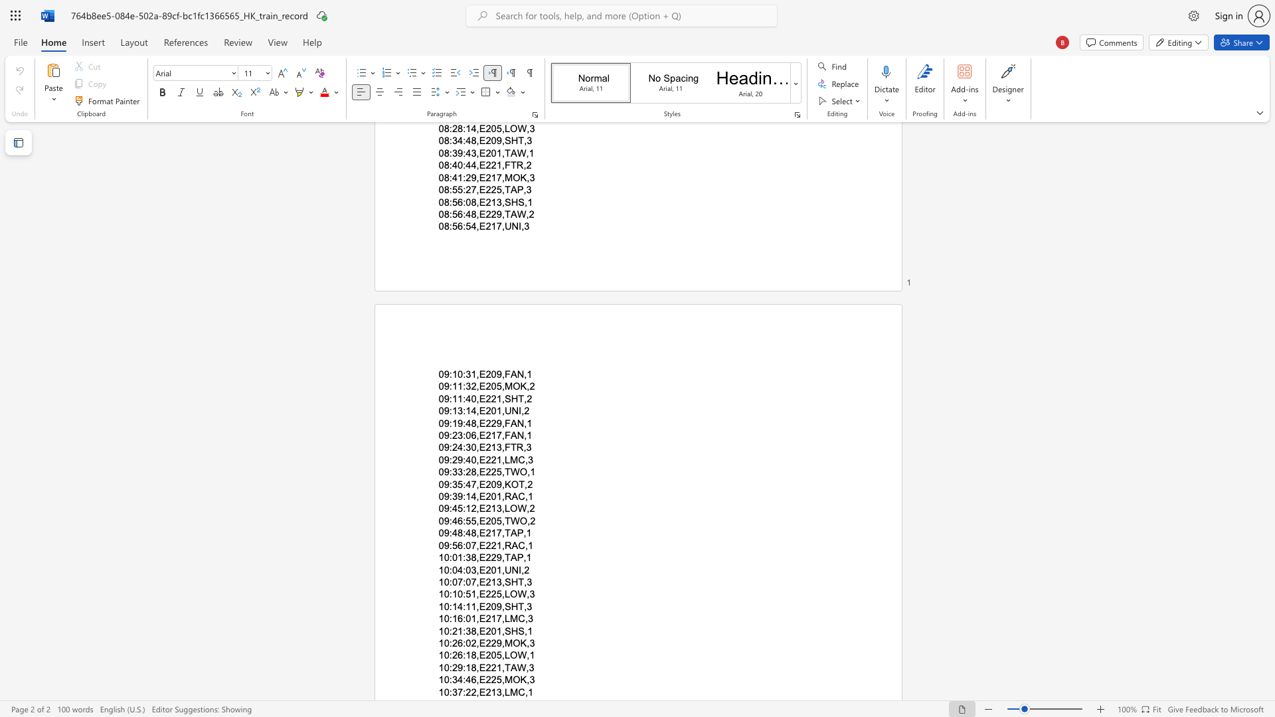 The height and width of the screenshot is (717, 1275). Describe the element at coordinates (509, 447) in the screenshot. I see `the space between the continuous character "F" and "T" in the text` at that location.